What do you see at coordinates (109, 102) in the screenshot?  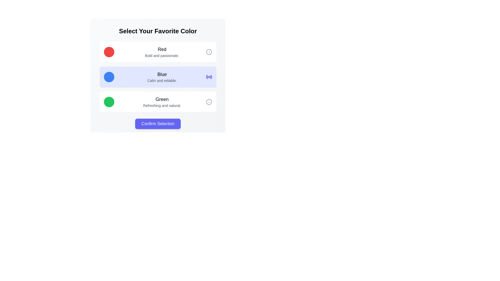 I see `the green circular icon in the Green section of the color selection list, which is the third option below Red and Blue` at bounding box center [109, 102].